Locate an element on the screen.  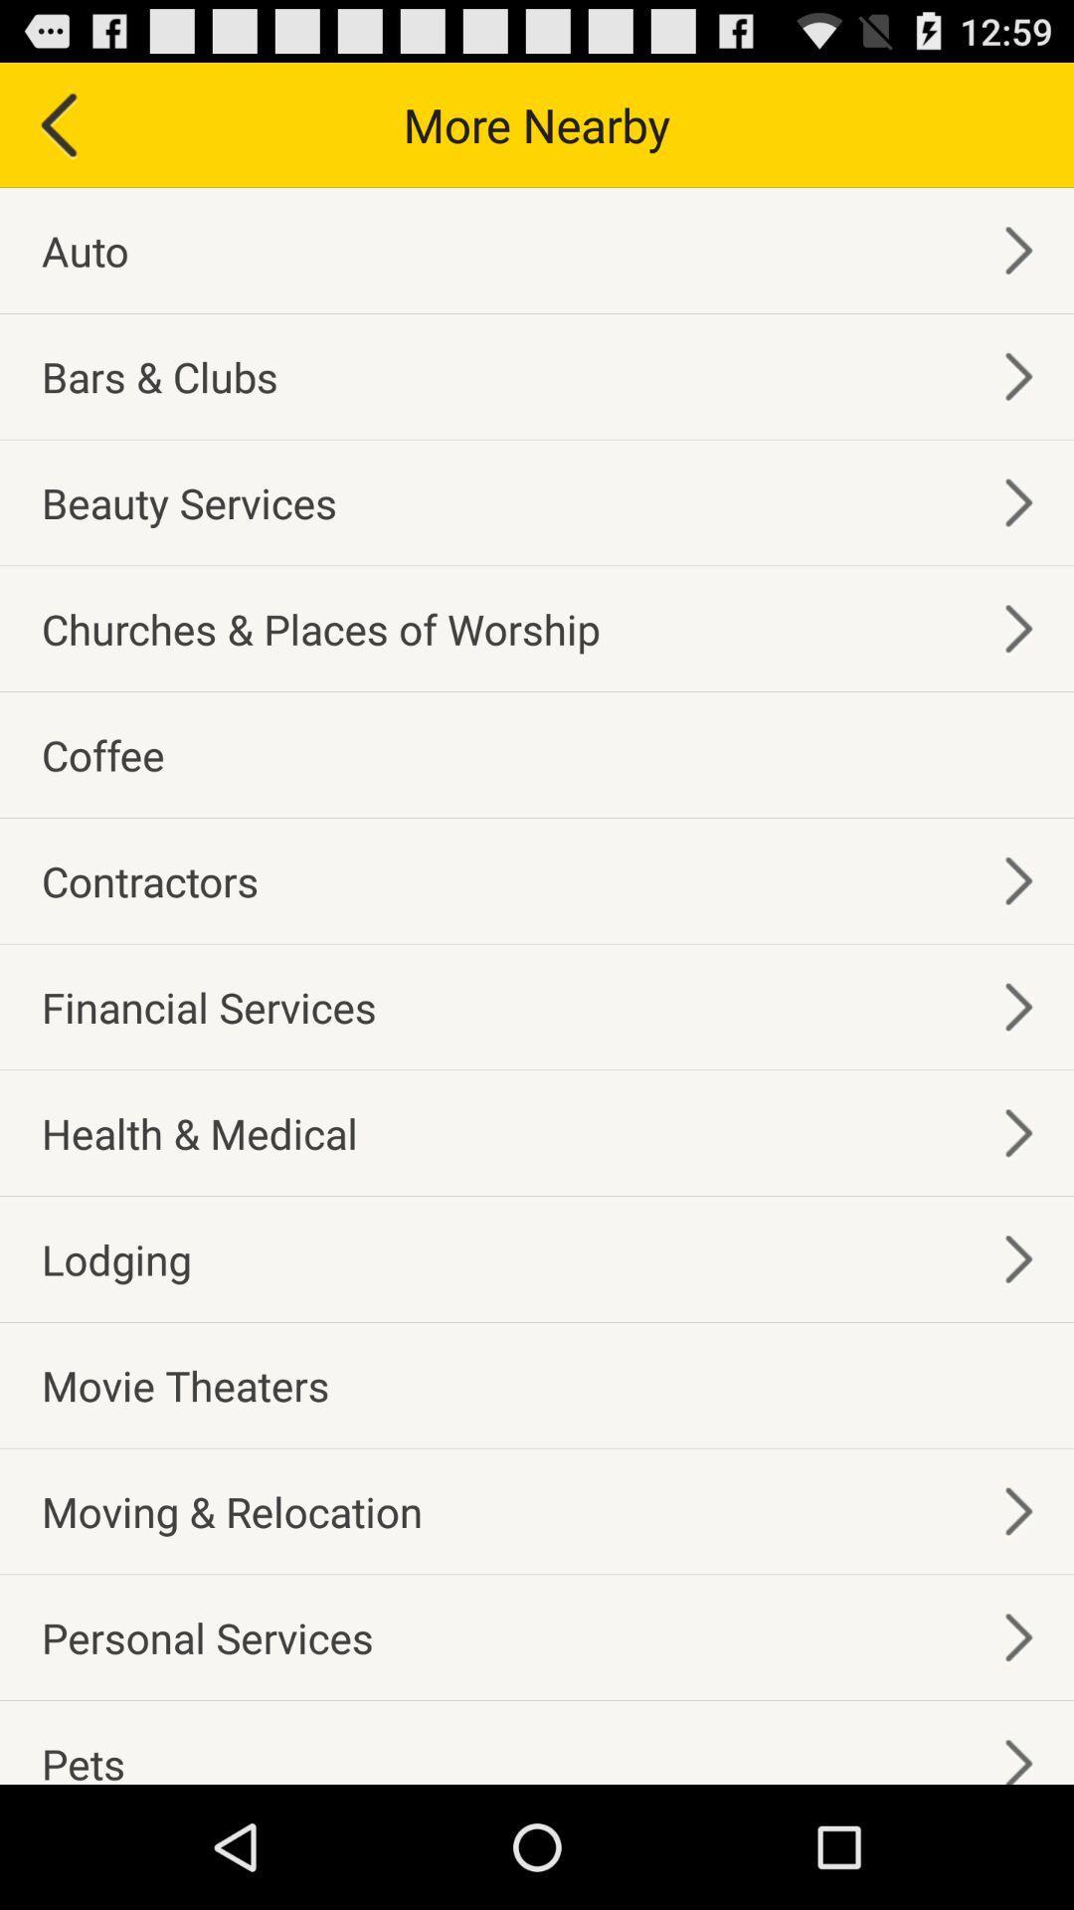
financial services icon is located at coordinates (209, 1007).